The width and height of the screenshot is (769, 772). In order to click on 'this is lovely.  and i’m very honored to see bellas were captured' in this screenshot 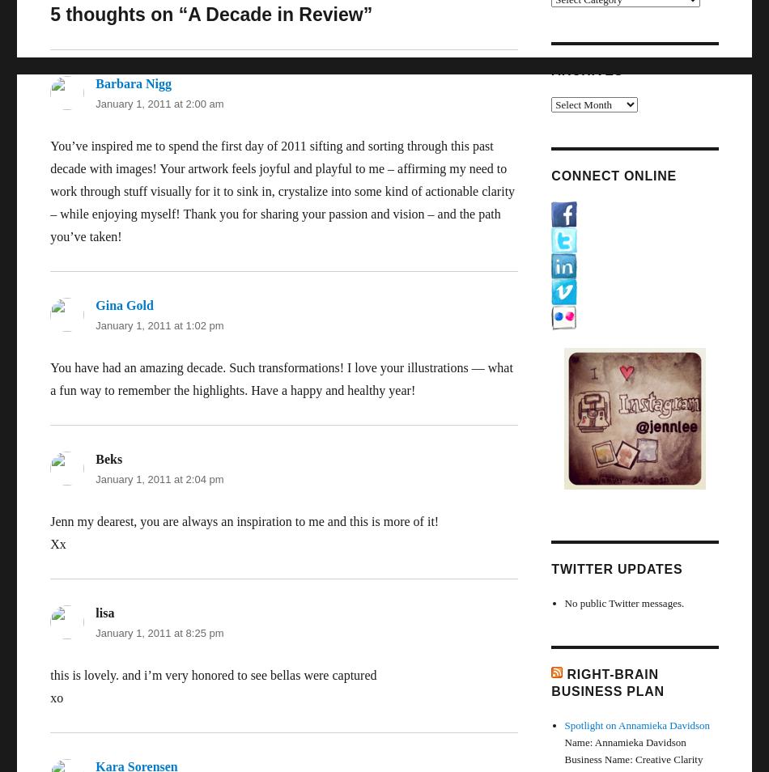, I will do `click(212, 675)`.